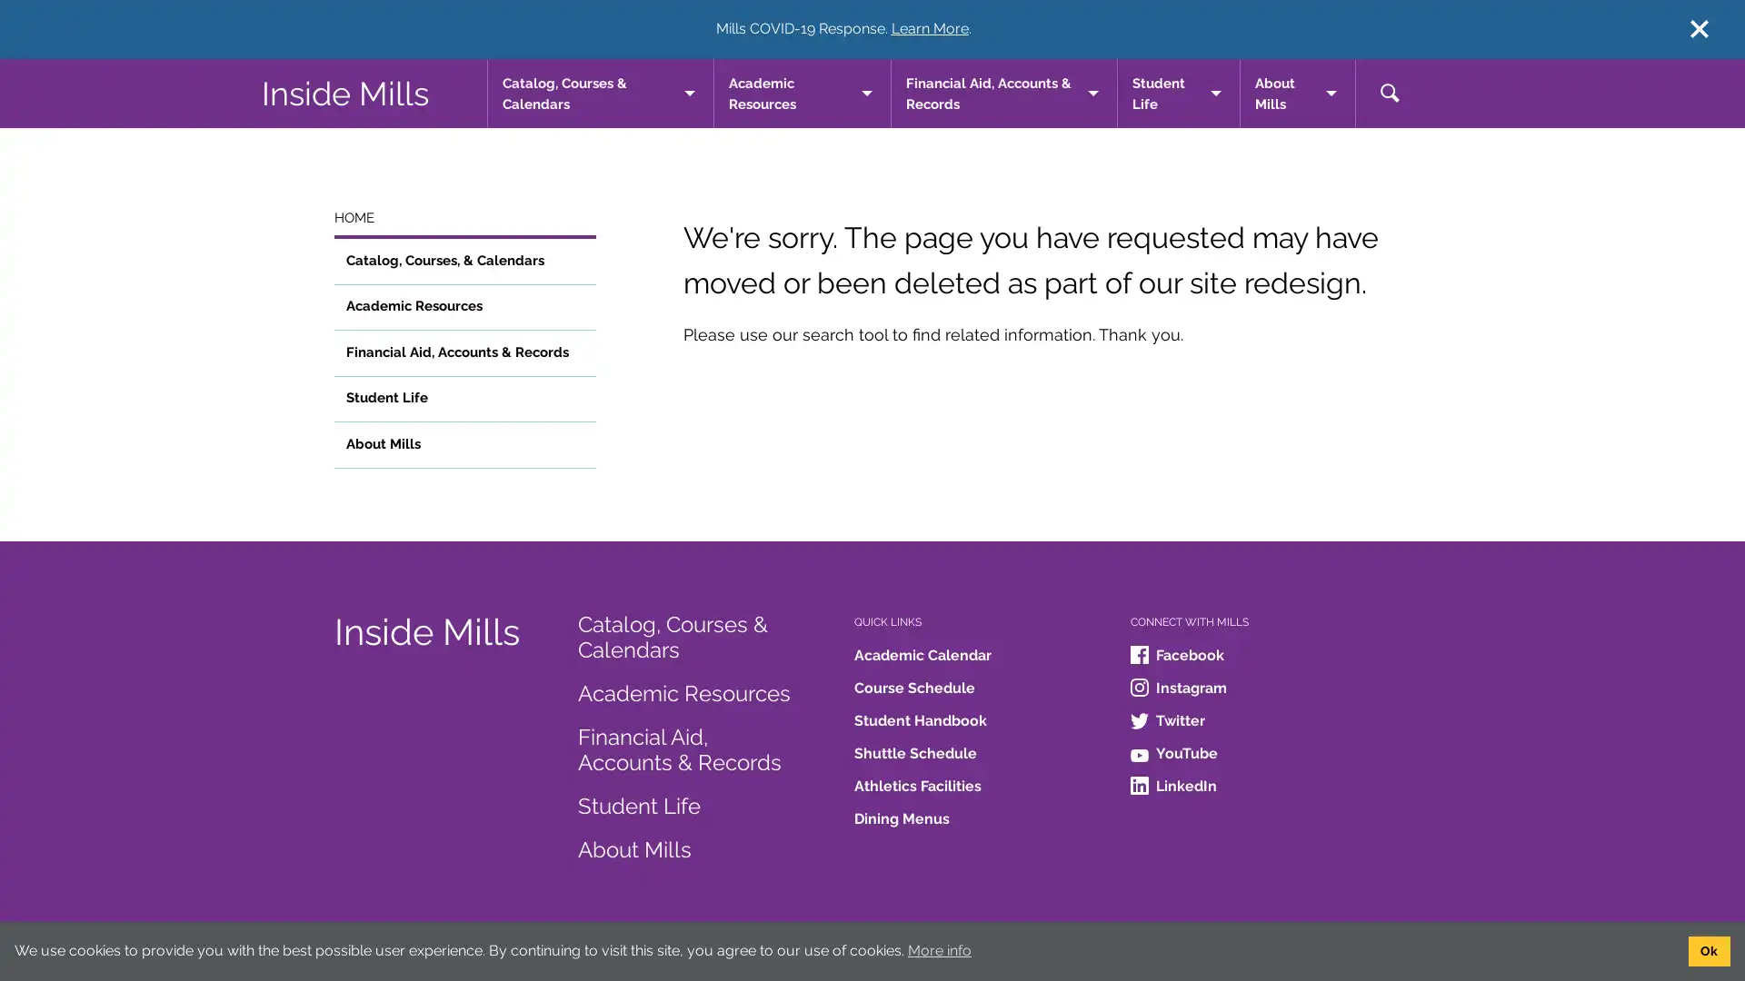 This screenshot has height=981, width=1745. I want to click on toggle search, so click(1390, 92).